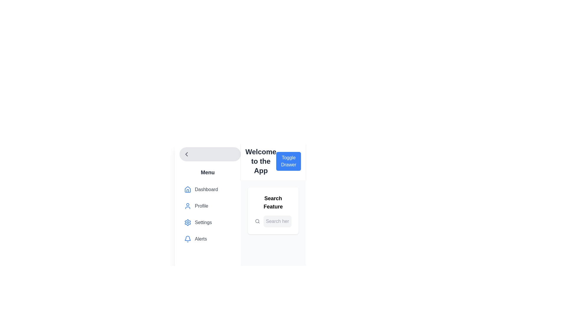 The image size is (566, 318). Describe the element at coordinates (289, 161) in the screenshot. I see `the 'Toggle Drawer' button, which has a blue background and white text` at that location.